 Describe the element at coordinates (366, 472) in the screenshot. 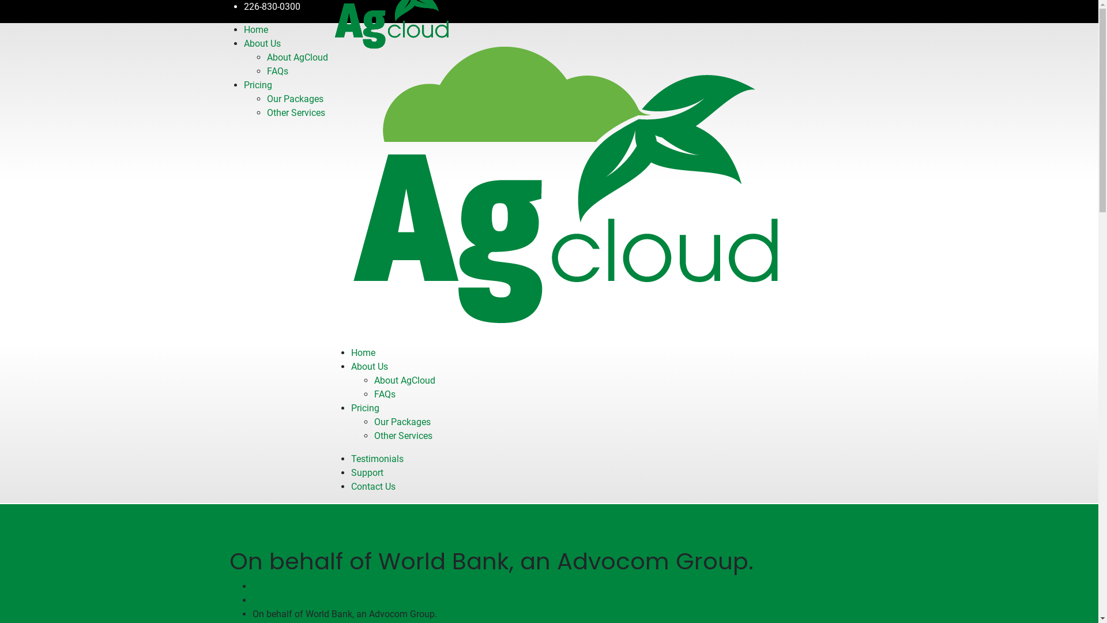

I see `'Support'` at that location.